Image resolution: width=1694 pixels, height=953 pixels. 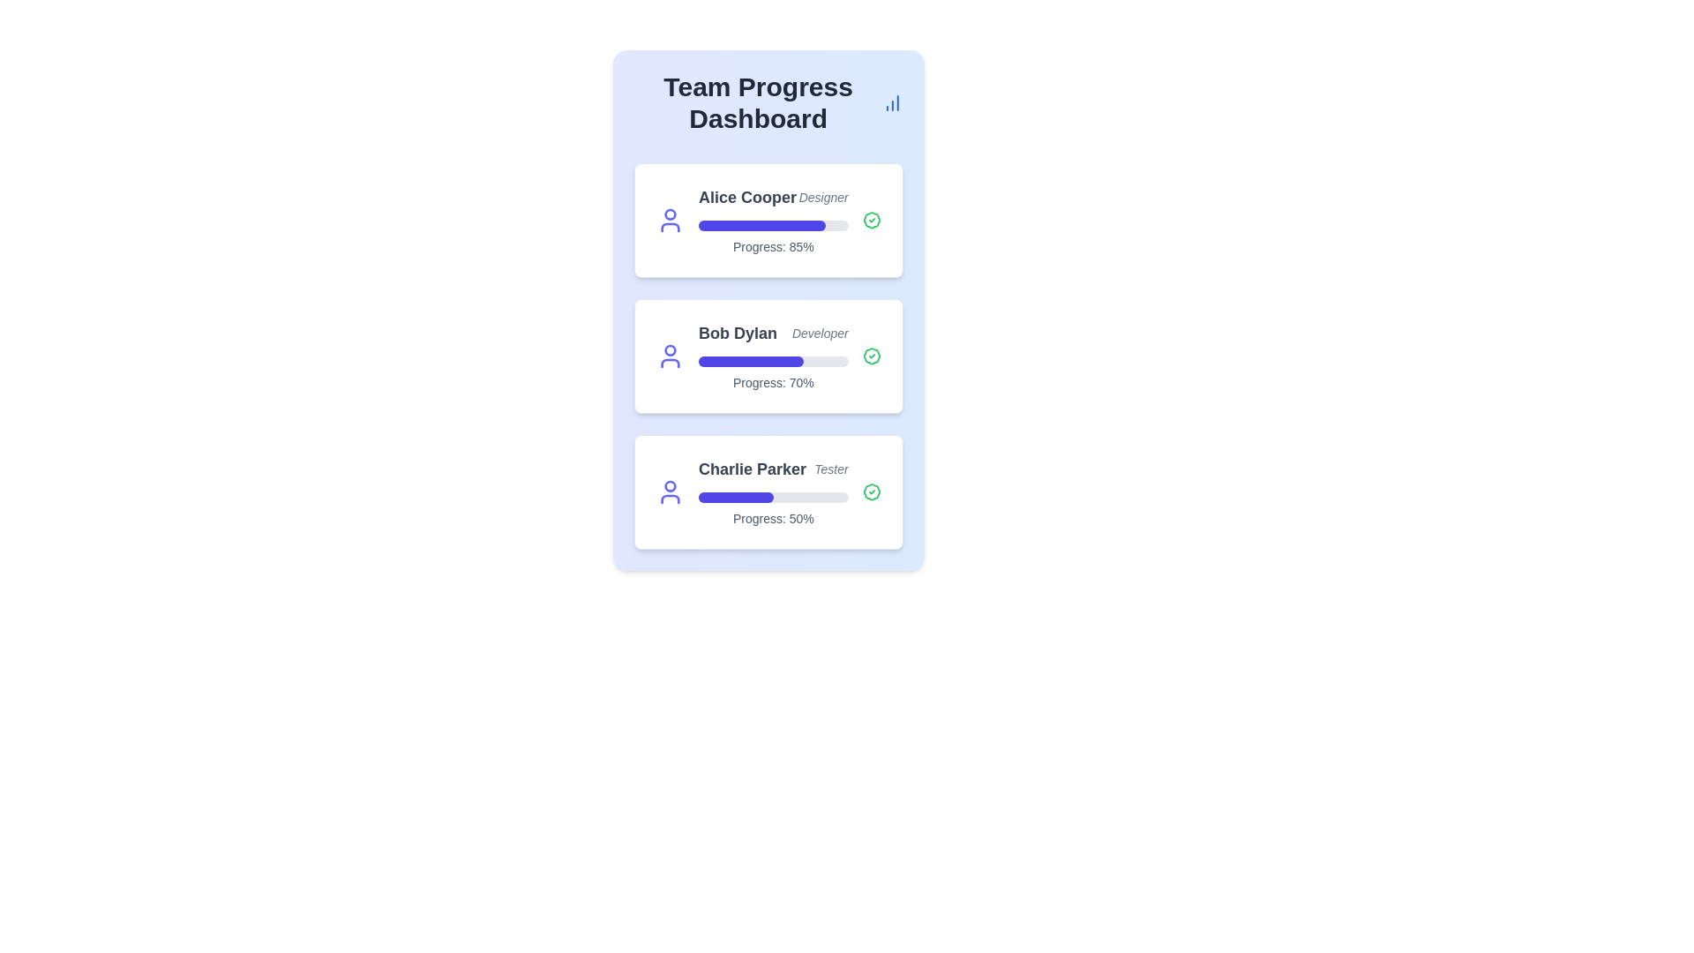 What do you see at coordinates (773, 517) in the screenshot?
I see `the text label that displays the progress percentage for 'Charlie Parker', located at the bottom of the card beneath the progress bar` at bounding box center [773, 517].